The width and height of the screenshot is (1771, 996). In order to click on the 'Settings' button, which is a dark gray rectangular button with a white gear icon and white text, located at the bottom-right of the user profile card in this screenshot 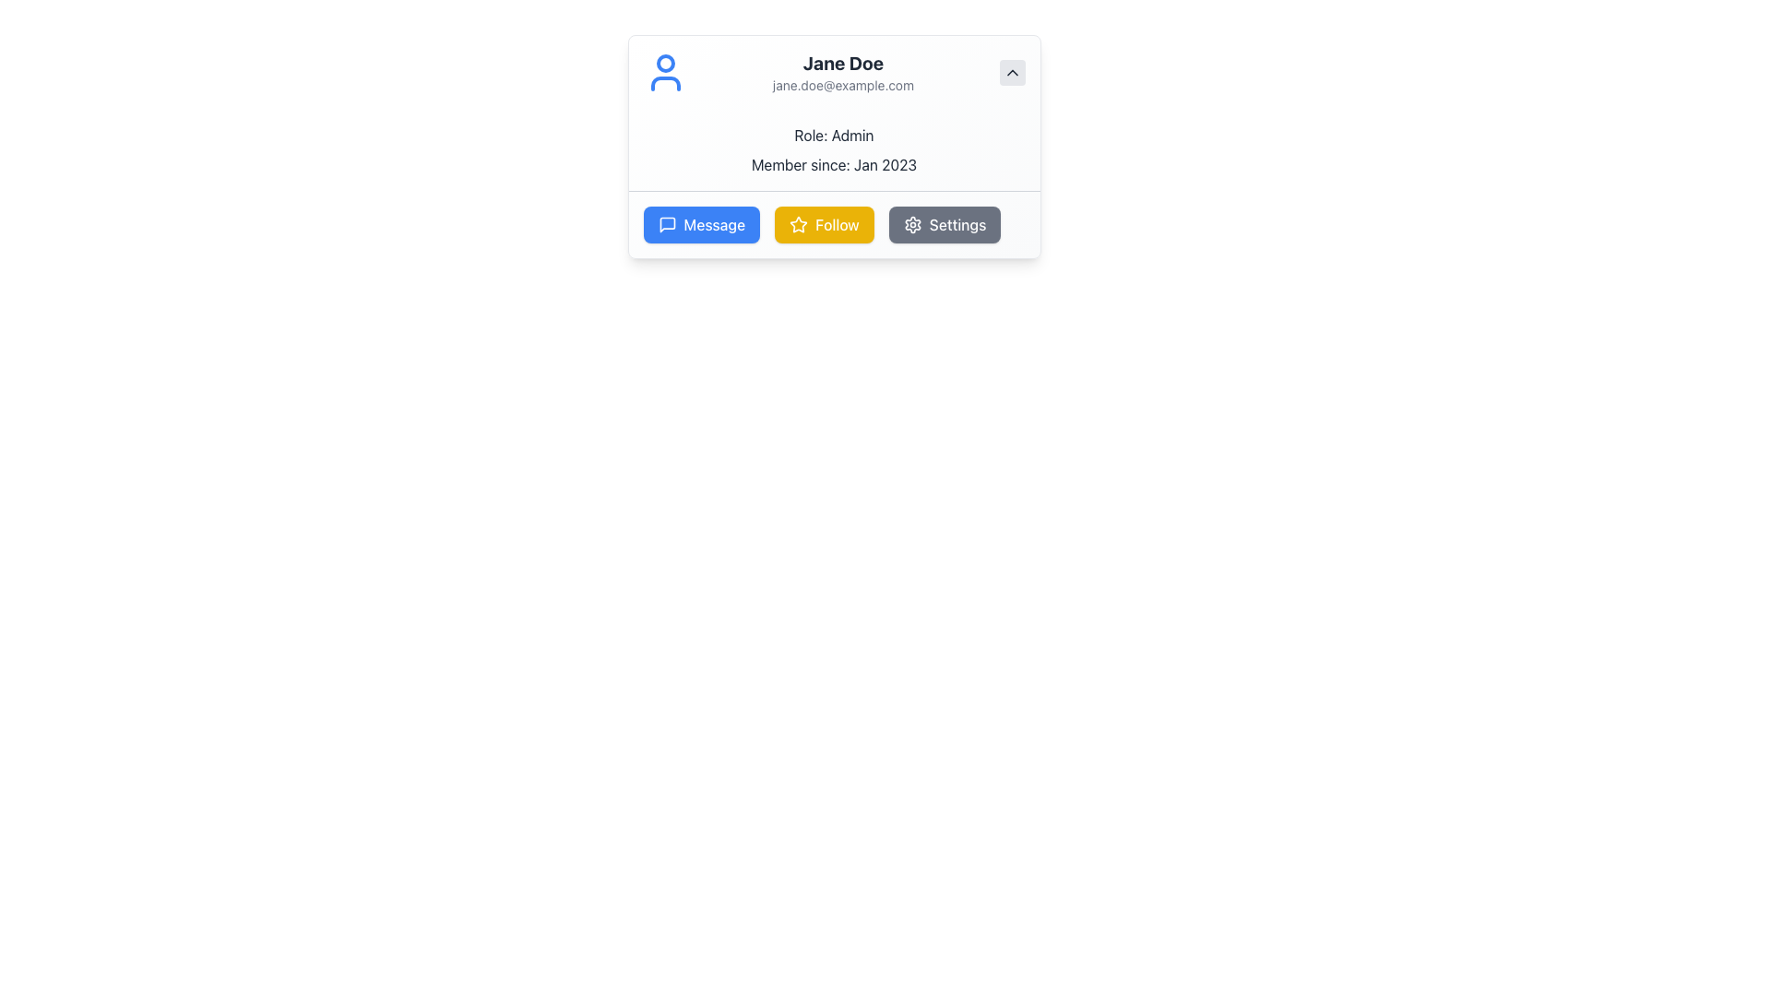, I will do `click(945, 223)`.